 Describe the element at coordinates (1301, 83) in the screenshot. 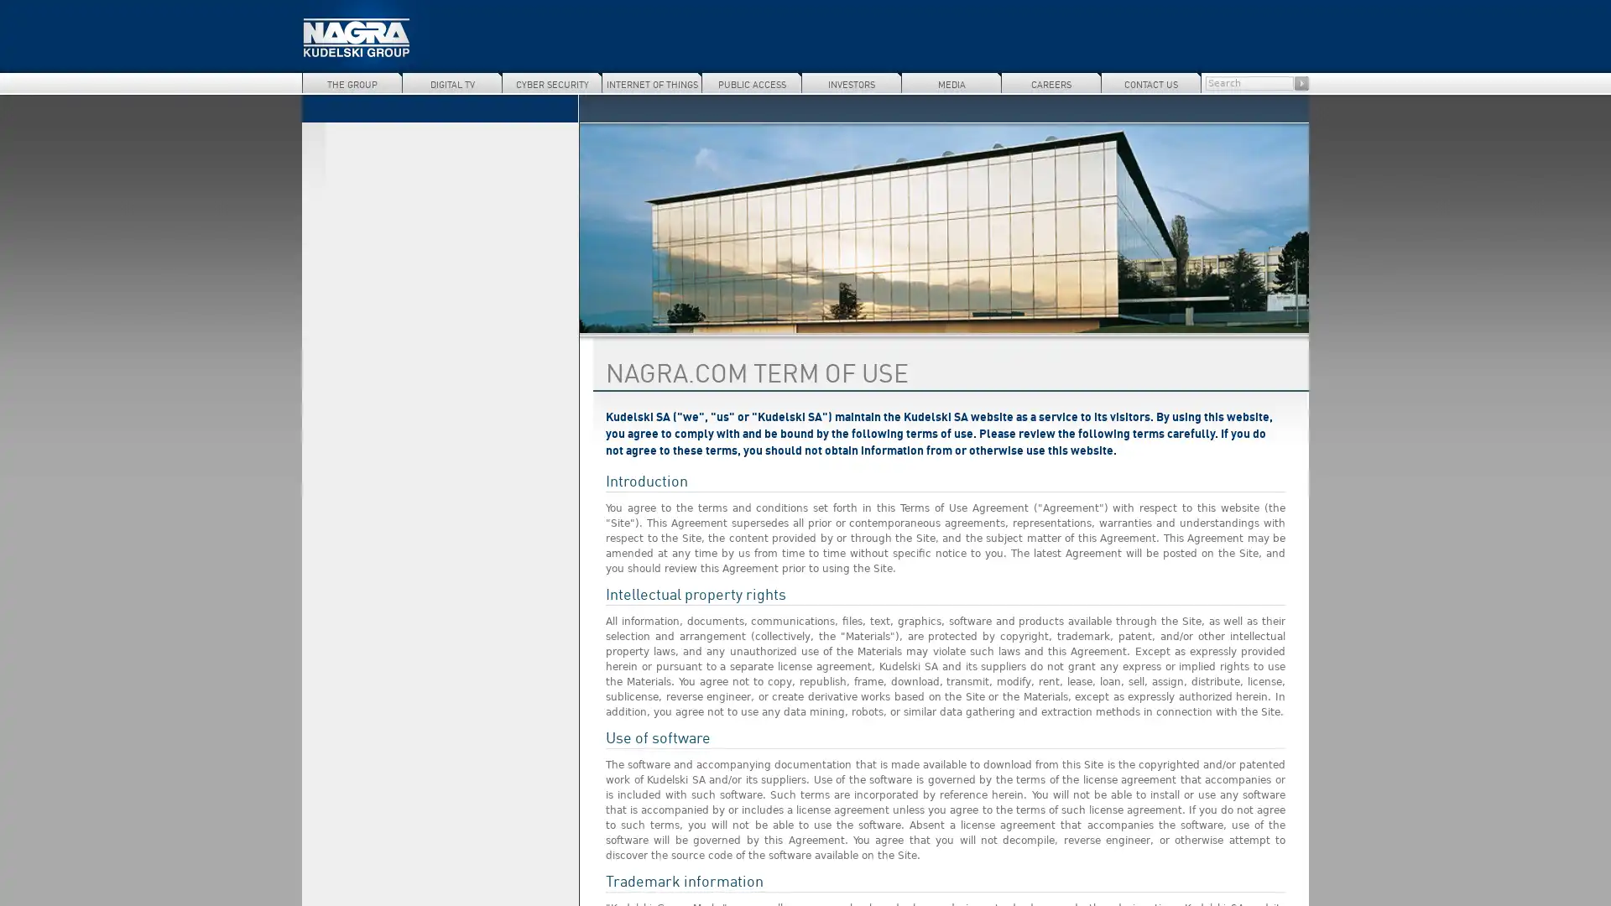

I see `Submit` at that location.